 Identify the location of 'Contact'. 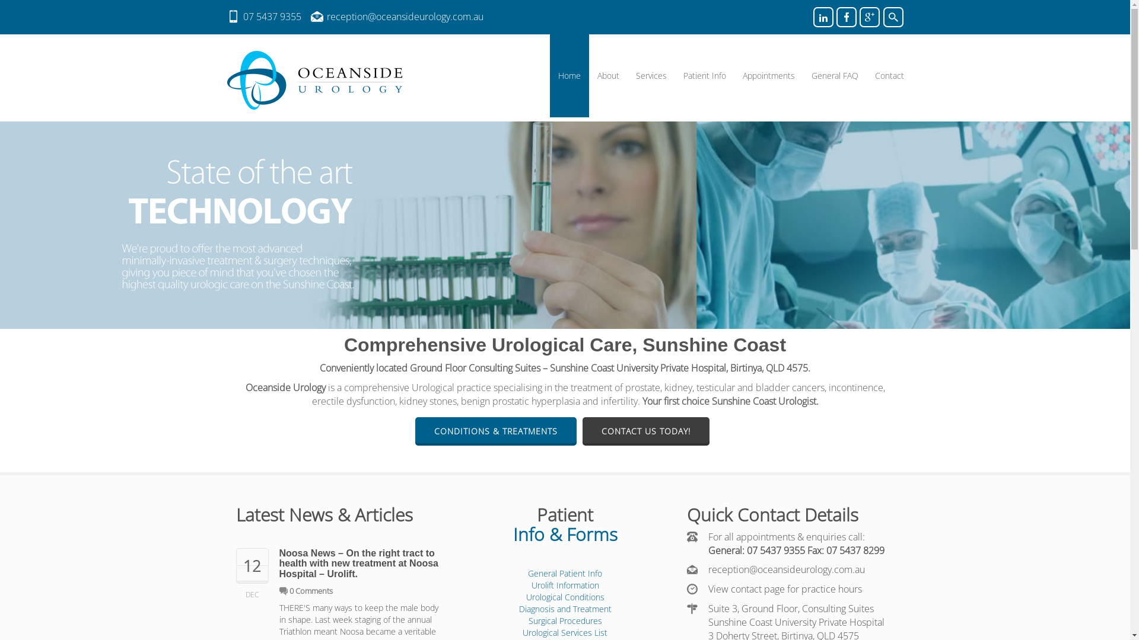
(889, 75).